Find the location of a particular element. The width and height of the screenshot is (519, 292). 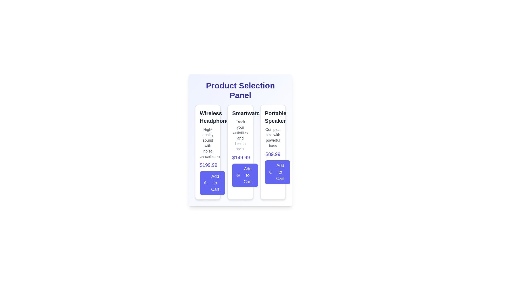

the price text label, which is the third element in a vertical sequence between the product description and the 'Add to Cart' button is located at coordinates (273, 154).